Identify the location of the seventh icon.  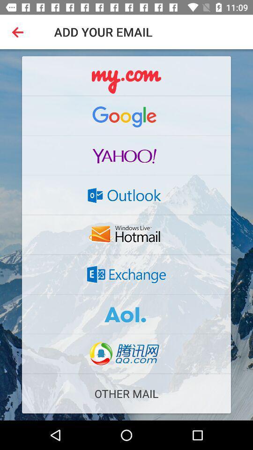
(126, 315).